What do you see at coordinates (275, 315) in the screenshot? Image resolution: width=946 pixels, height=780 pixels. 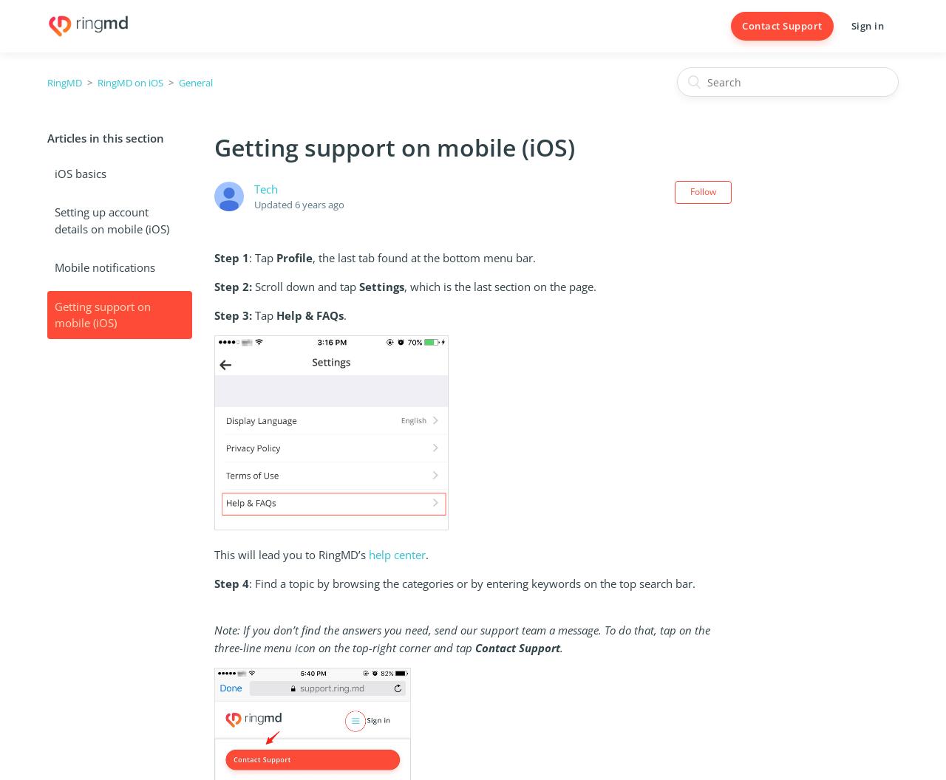 I see `'Help & FAQs'` at bounding box center [275, 315].